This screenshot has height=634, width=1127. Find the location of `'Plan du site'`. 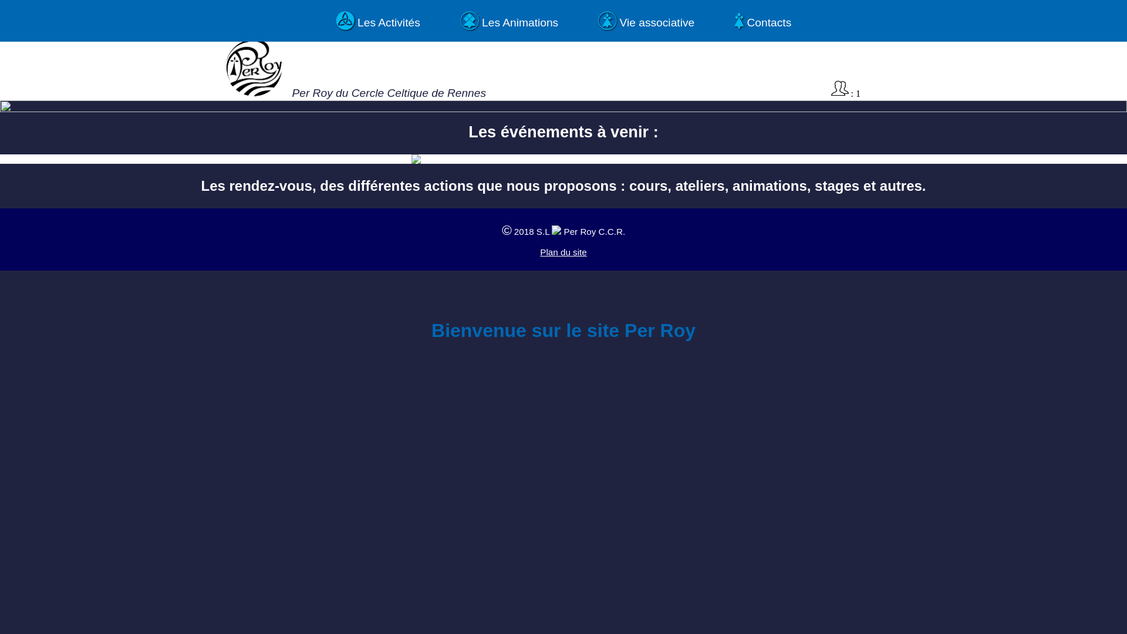

'Plan du site' is located at coordinates (539, 251).